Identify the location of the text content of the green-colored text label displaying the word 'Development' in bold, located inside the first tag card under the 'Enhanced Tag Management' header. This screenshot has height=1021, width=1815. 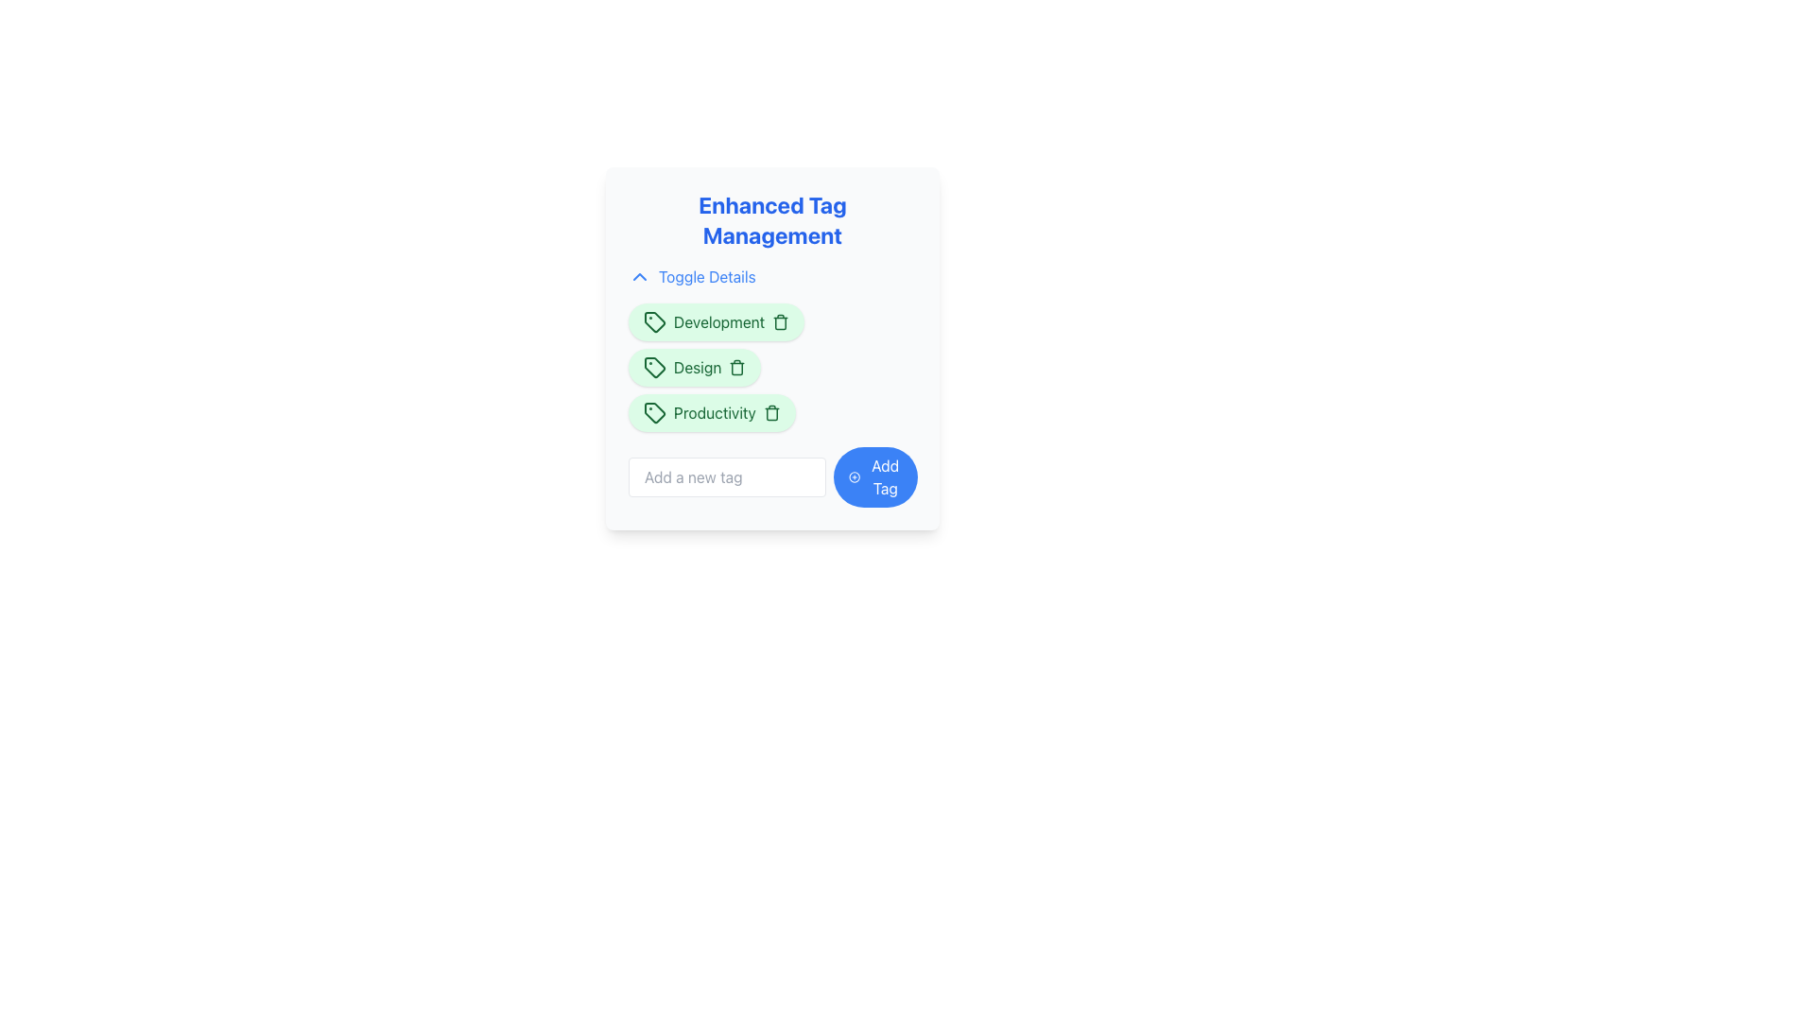
(718, 320).